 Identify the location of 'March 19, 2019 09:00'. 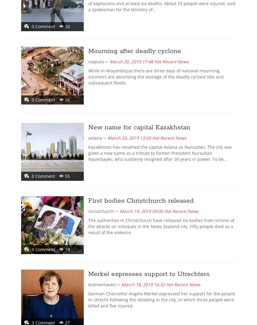
(120, 211).